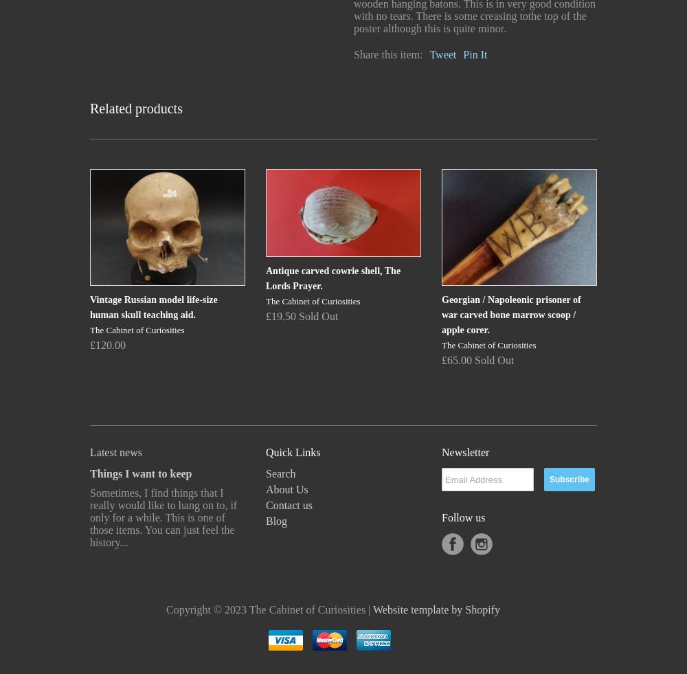  I want to click on 'Pin It', so click(474, 54).